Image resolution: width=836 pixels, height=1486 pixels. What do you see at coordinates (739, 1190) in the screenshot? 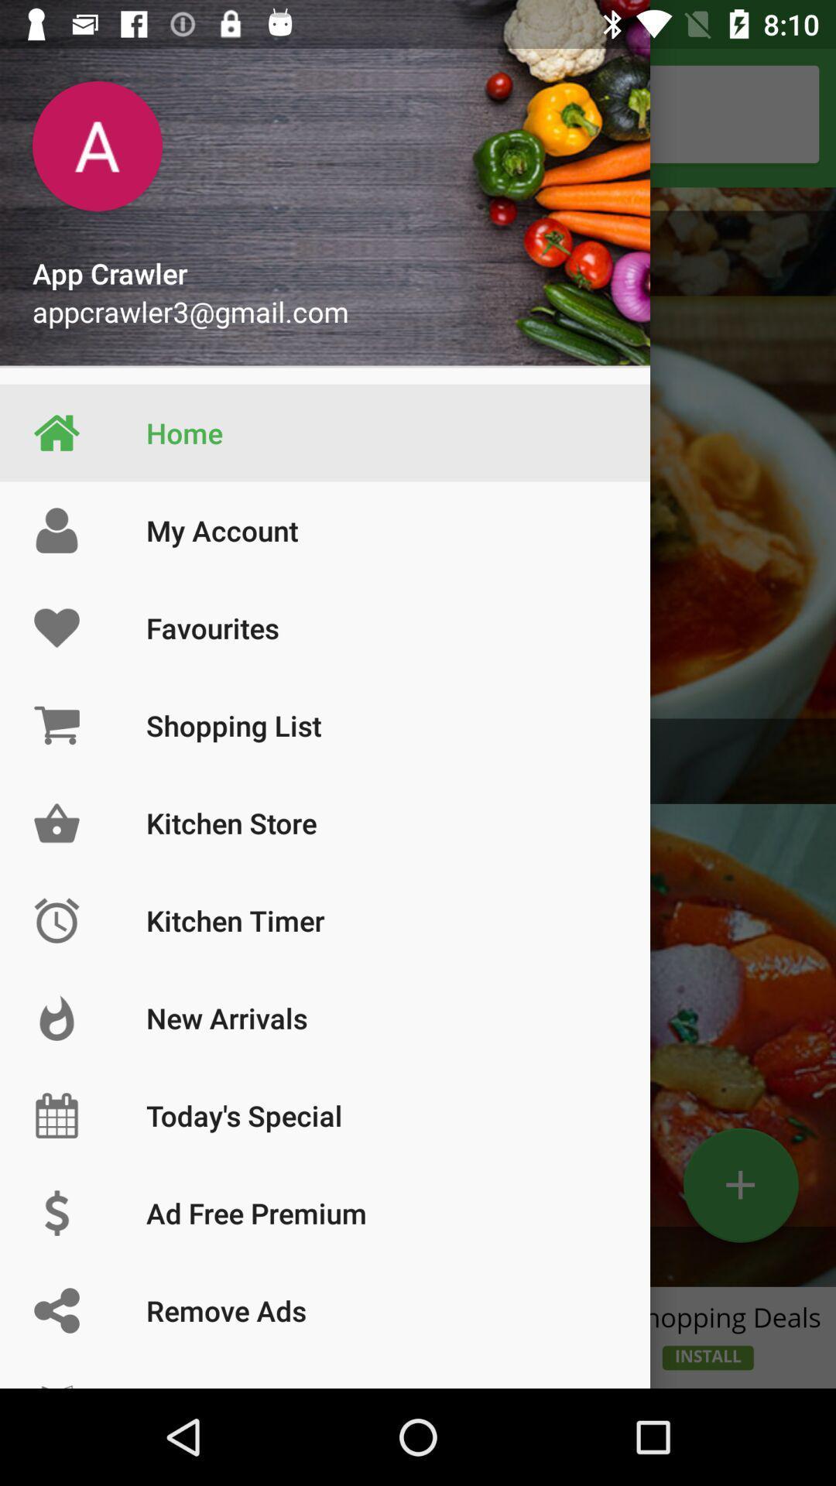
I see `the add icon` at bounding box center [739, 1190].